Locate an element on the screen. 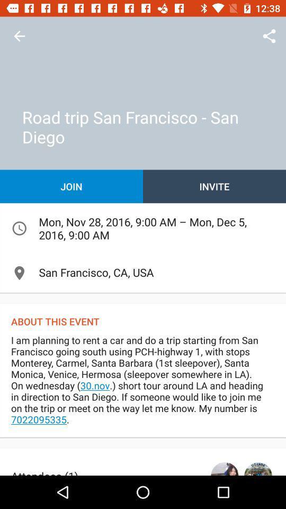  the item to the left of the invite is located at coordinates (71, 186).